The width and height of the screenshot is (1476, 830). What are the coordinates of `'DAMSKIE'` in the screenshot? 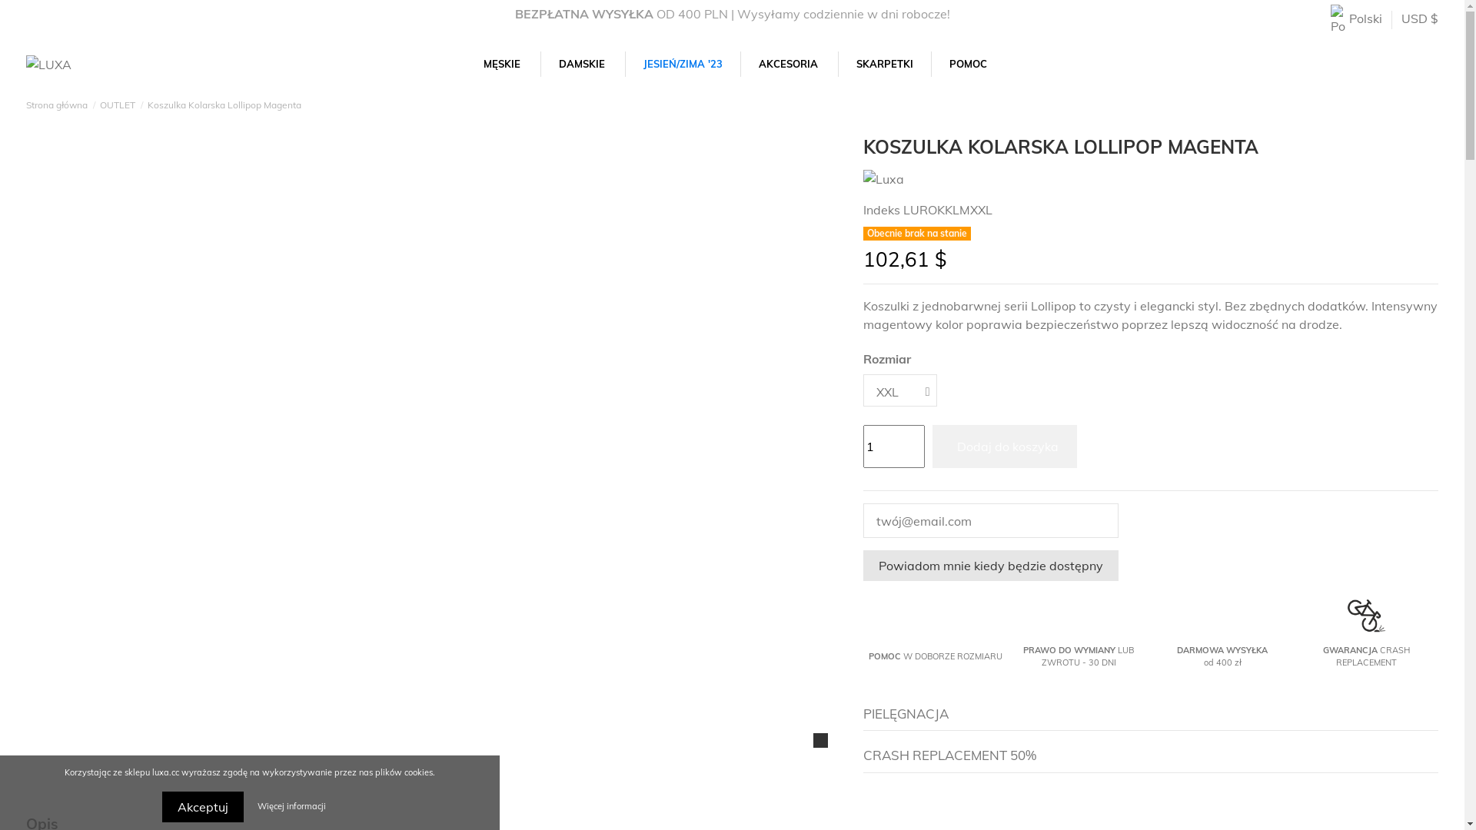 It's located at (582, 63).